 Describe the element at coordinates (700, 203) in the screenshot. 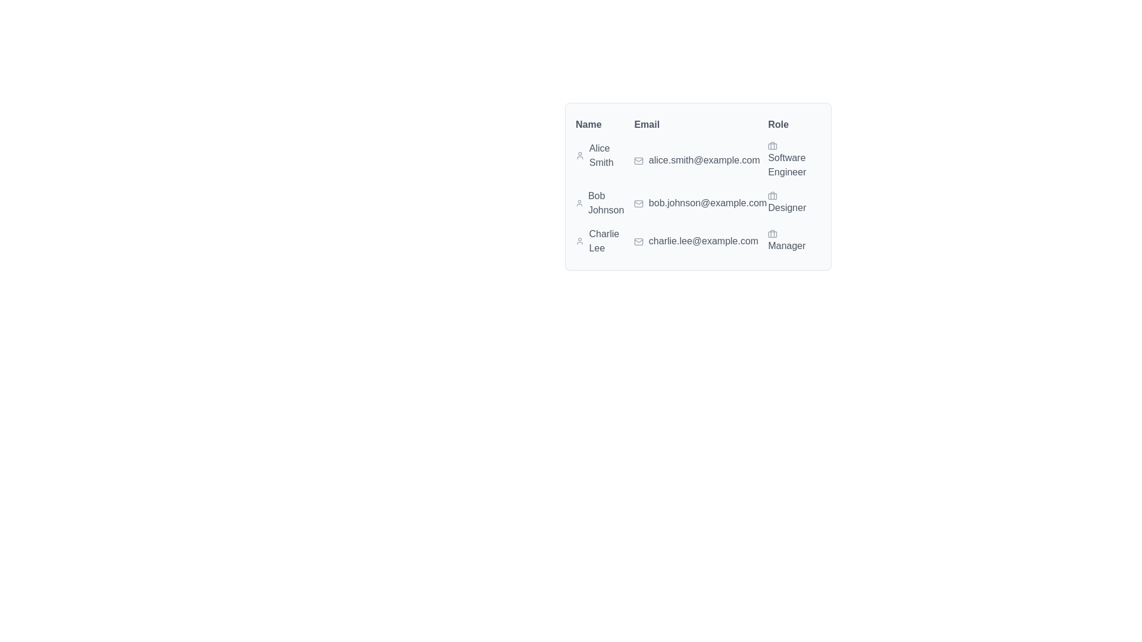

I see `the text display showing the email address 'bob.johnson@example.com' located` at that location.